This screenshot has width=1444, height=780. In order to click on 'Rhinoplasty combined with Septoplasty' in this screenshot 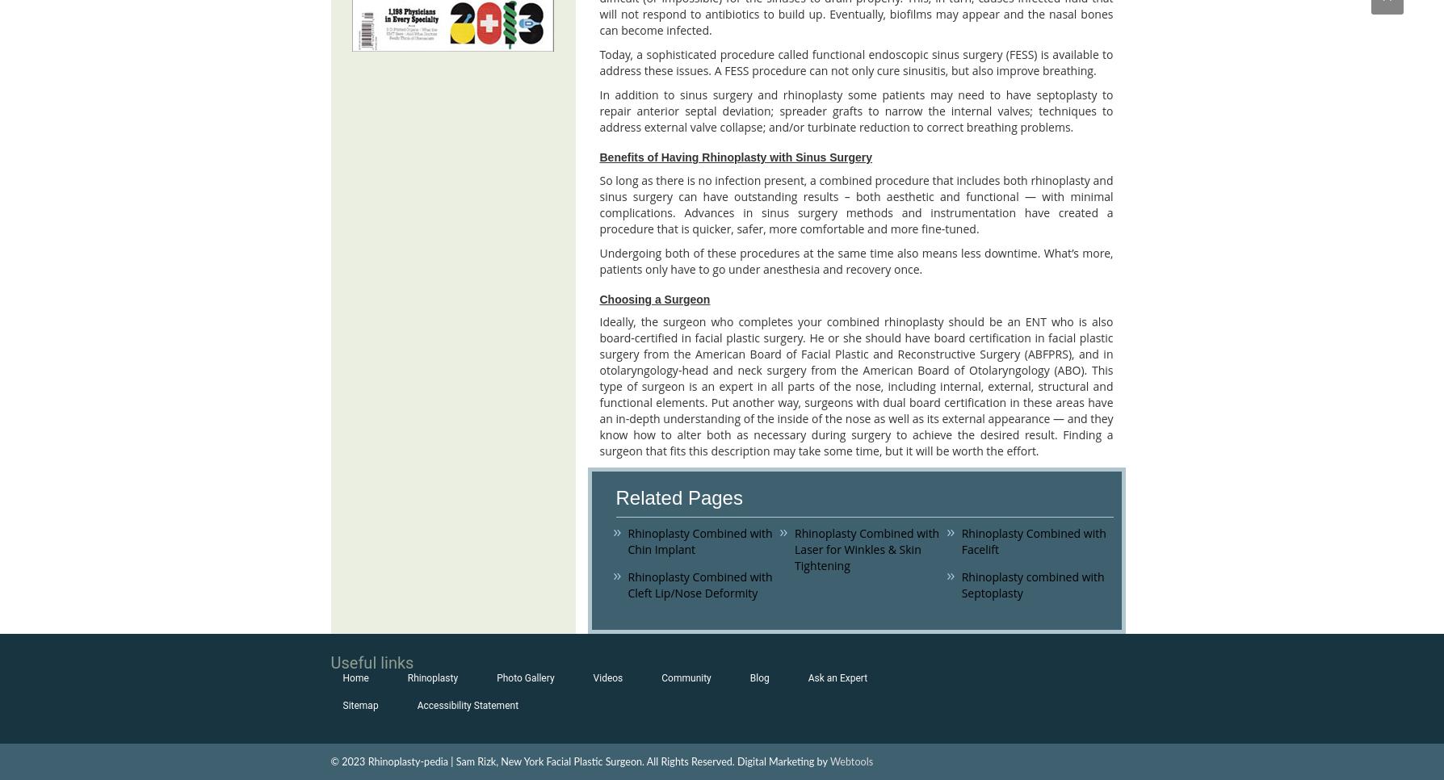, I will do `click(1031, 583)`.